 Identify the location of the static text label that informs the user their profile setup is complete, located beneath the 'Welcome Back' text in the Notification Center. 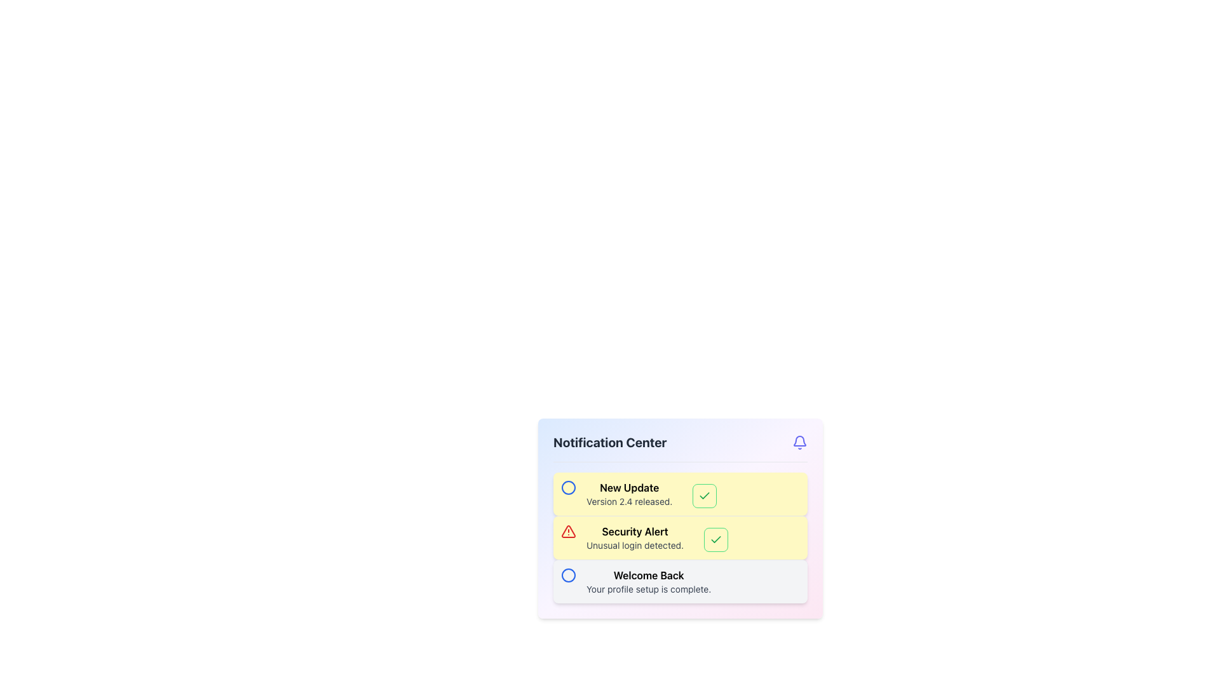
(649, 589).